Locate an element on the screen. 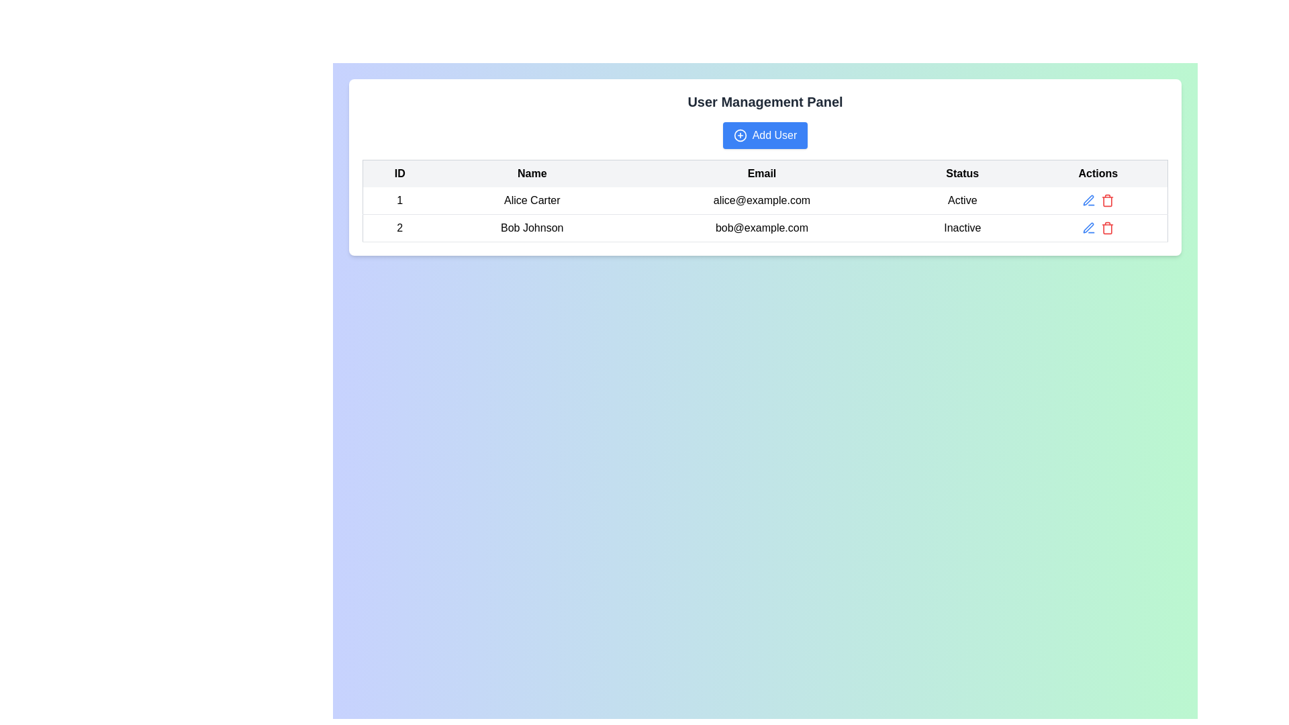 The image size is (1289, 725). the Text cell containing 'Bob Johnson' in the Name column of the table is located at coordinates (531, 227).